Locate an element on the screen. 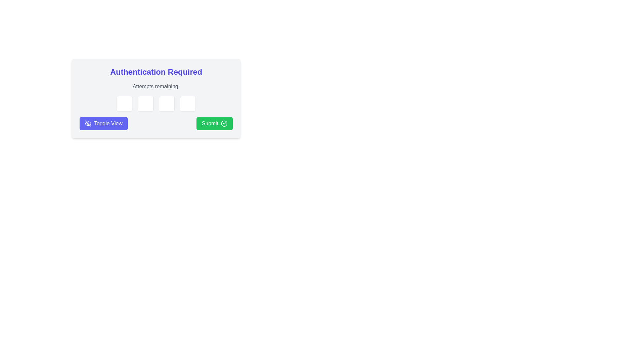 Image resolution: width=634 pixels, height=357 pixels. the 'eye-off' icon located inside the 'Toggle View' button at the bottom-left corner of the central card-like interface is located at coordinates (88, 124).